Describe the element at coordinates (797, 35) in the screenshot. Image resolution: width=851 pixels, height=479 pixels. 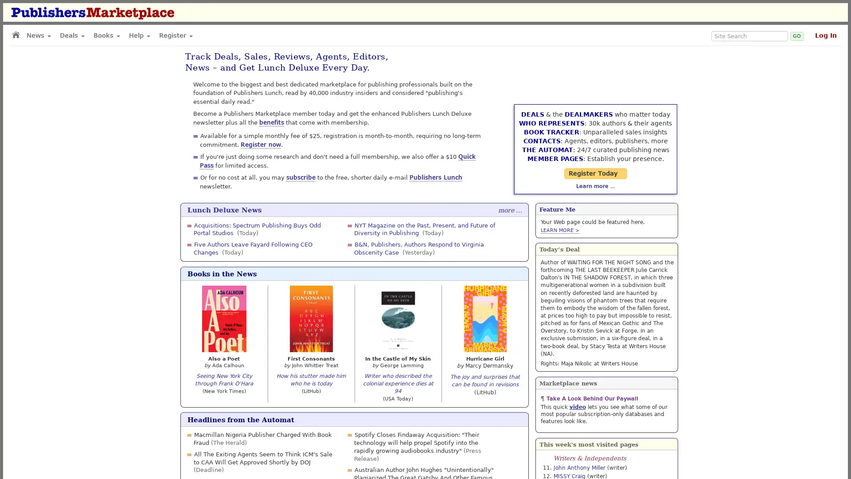
I see `GO` at that location.